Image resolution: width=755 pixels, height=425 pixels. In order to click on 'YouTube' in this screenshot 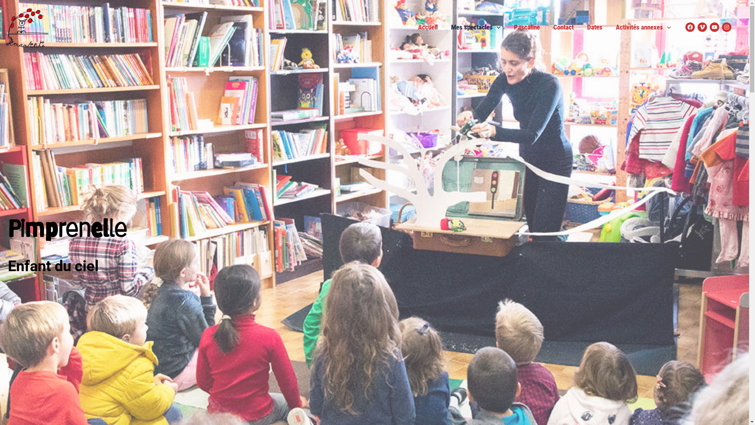, I will do `click(714, 27)`.